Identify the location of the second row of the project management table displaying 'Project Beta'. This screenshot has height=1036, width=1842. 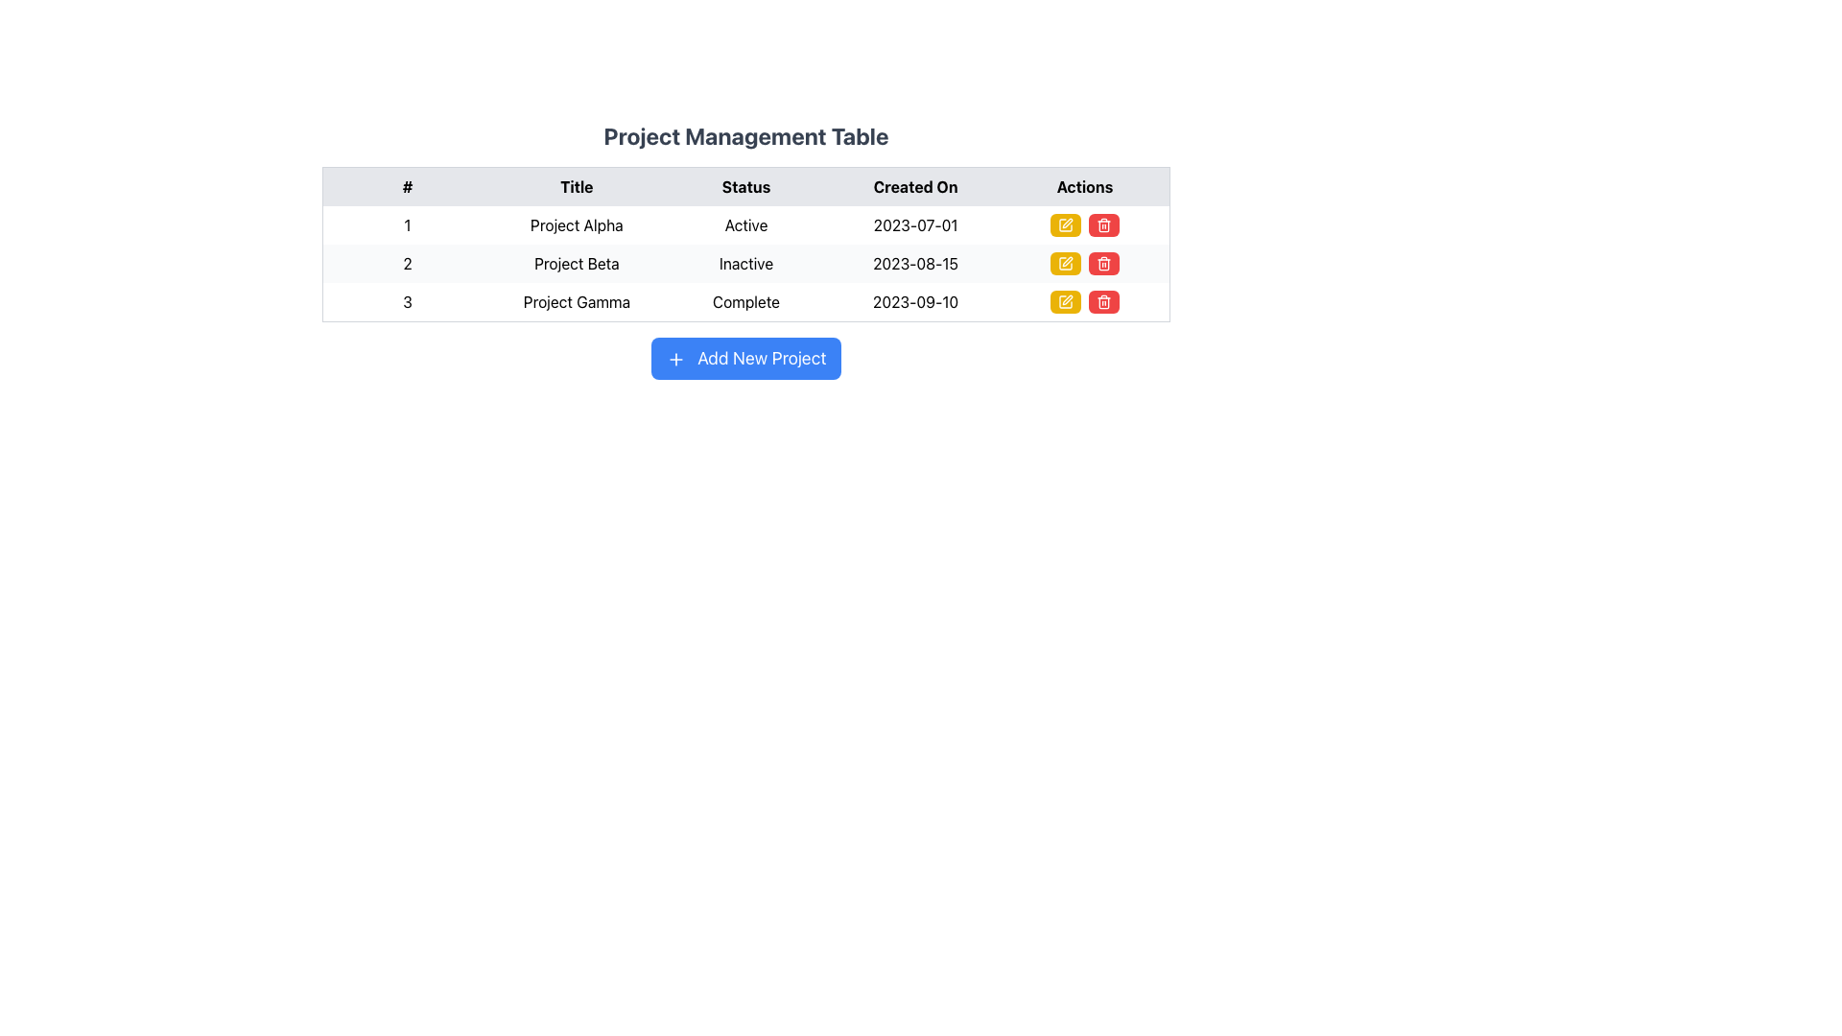
(744, 263).